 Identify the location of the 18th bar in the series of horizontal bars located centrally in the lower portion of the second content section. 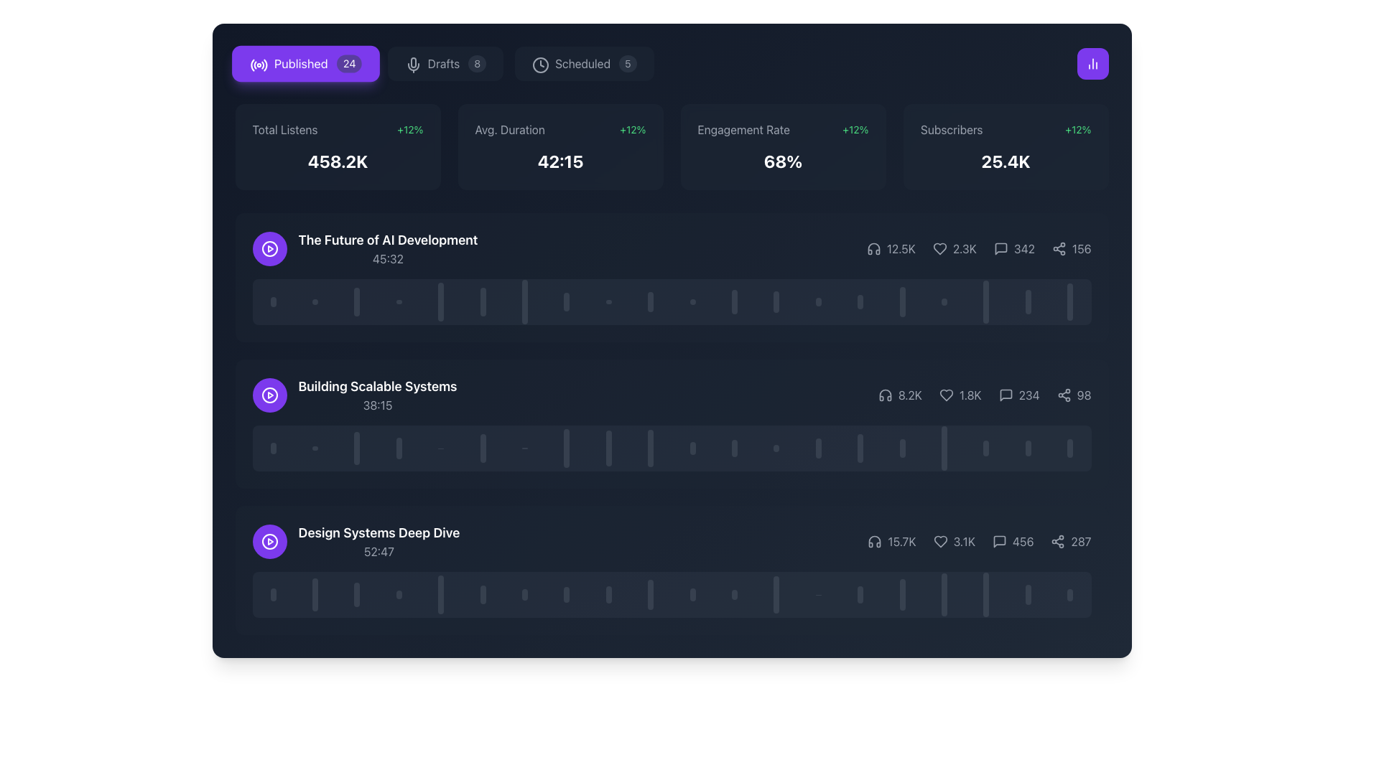
(944, 447).